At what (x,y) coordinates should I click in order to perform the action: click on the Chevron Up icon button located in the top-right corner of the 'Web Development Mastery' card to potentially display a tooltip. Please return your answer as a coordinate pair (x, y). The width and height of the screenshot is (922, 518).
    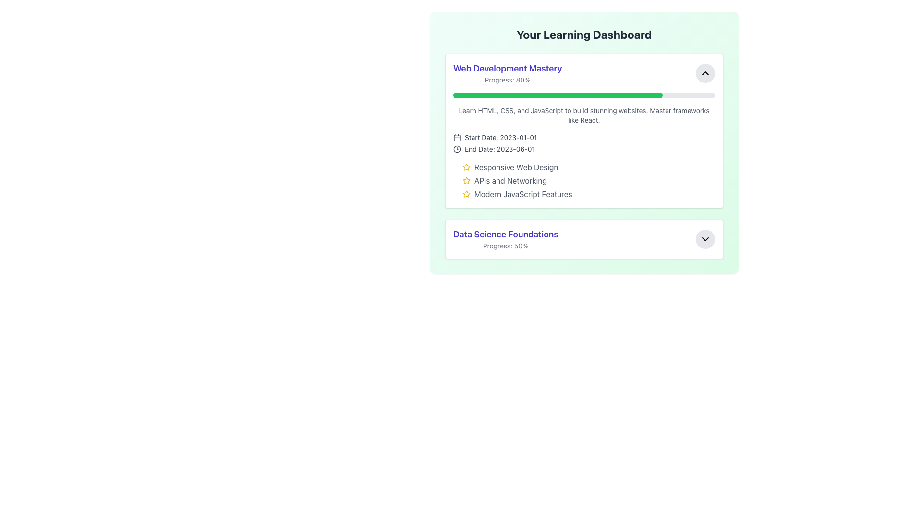
    Looking at the image, I should click on (705, 73).